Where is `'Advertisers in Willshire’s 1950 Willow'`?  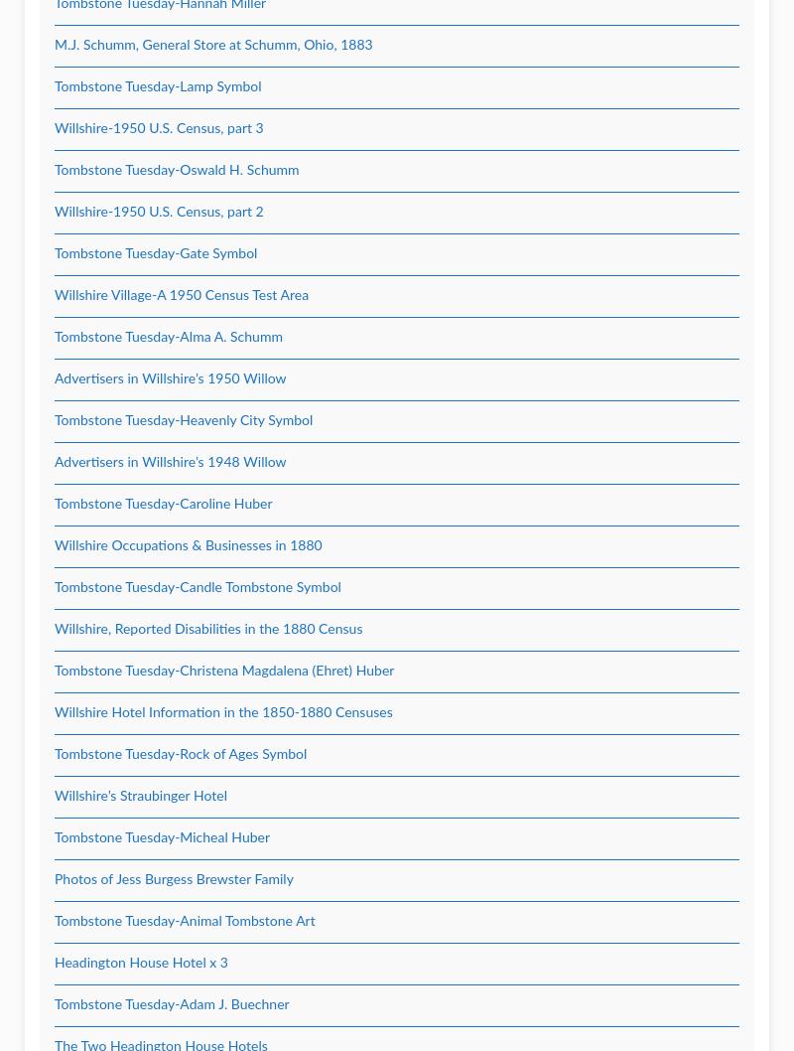
'Advertisers in Willshire’s 1950 Willow' is located at coordinates (169, 379).